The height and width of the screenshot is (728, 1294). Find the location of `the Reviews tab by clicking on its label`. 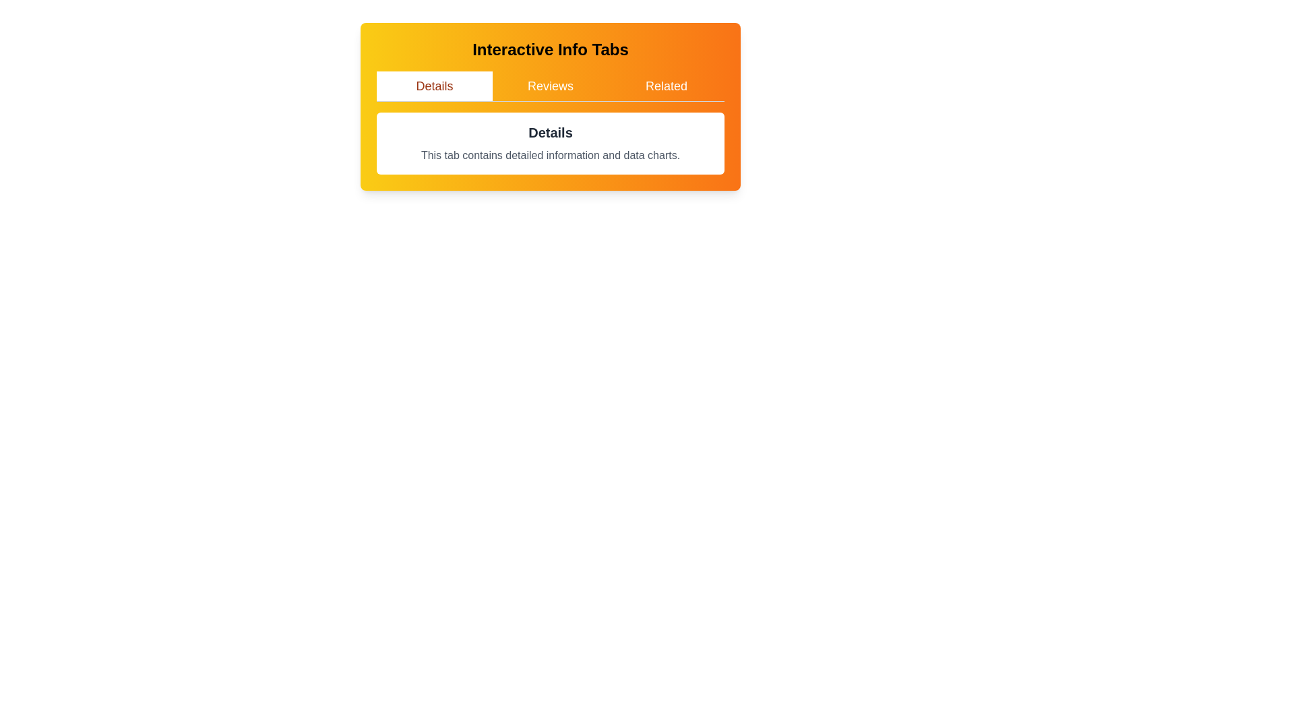

the Reviews tab by clicking on its label is located at coordinates (550, 86).